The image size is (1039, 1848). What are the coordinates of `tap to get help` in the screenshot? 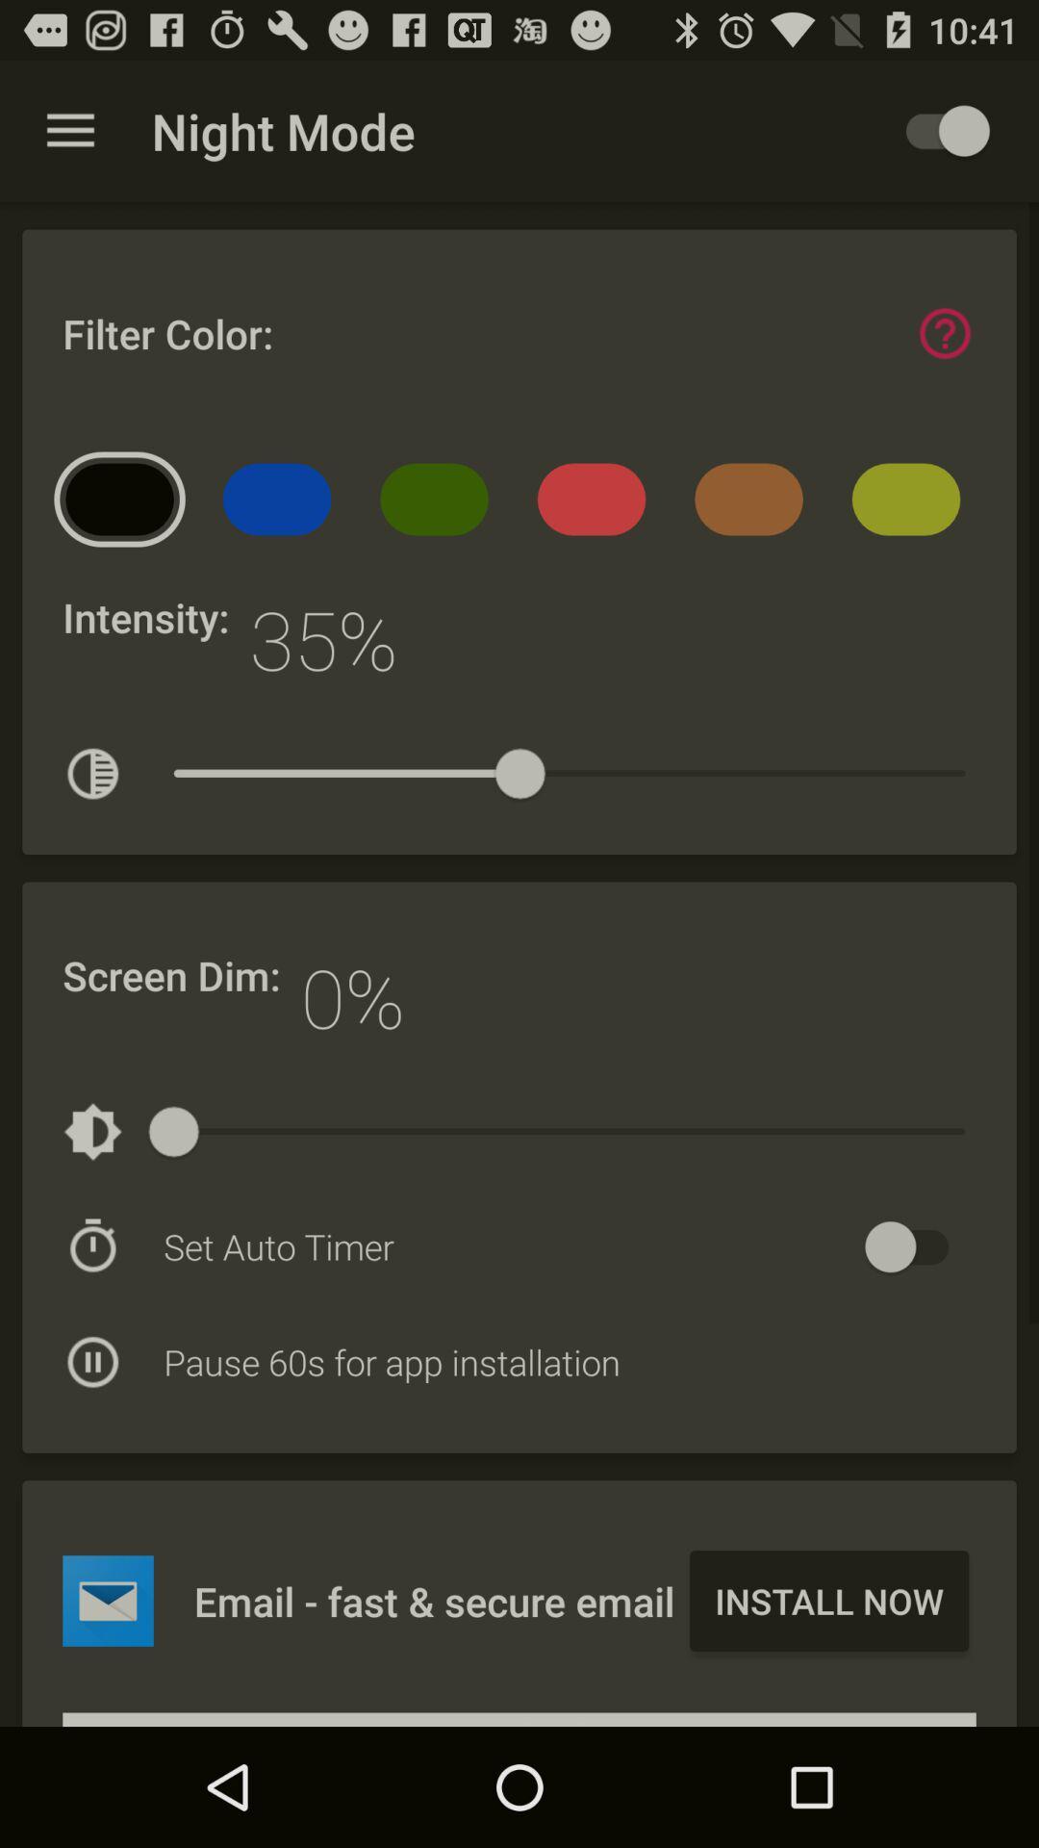 It's located at (944, 333).